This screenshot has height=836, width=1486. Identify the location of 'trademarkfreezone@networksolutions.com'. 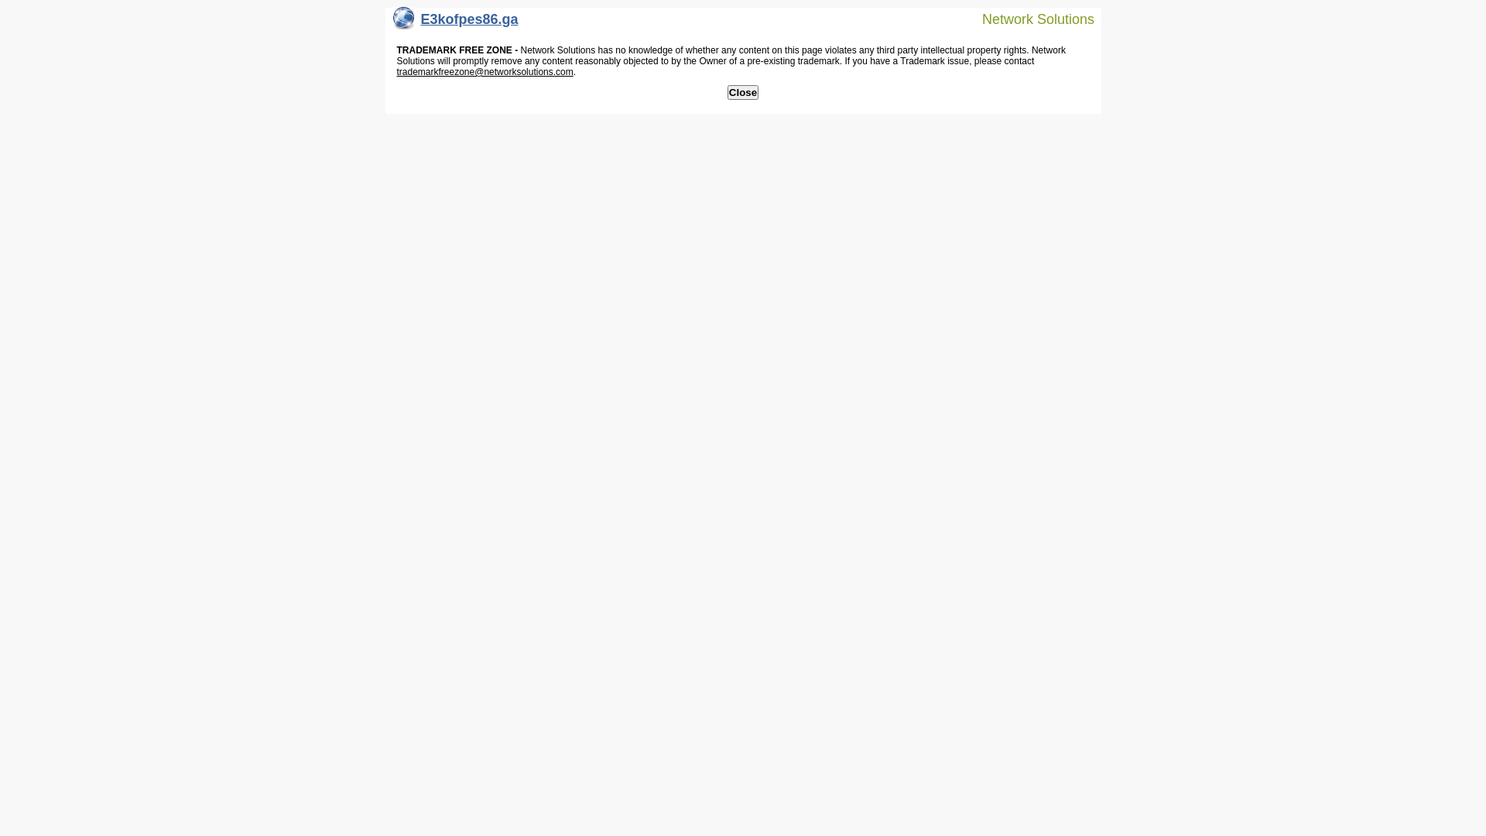
(396, 71).